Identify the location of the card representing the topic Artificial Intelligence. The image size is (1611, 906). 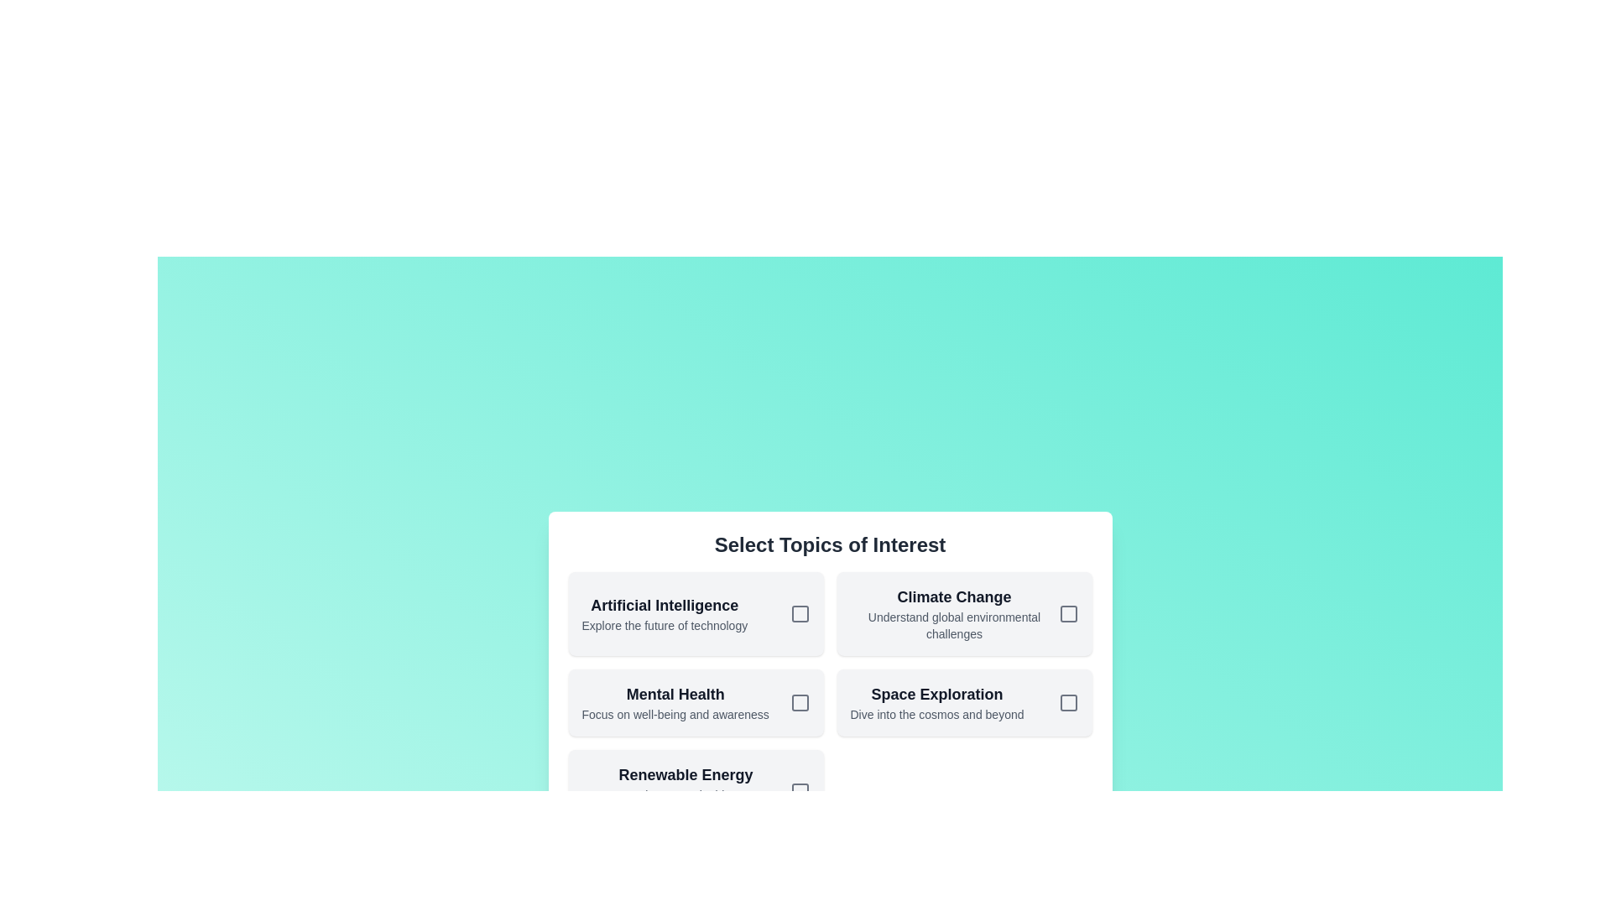
(696, 614).